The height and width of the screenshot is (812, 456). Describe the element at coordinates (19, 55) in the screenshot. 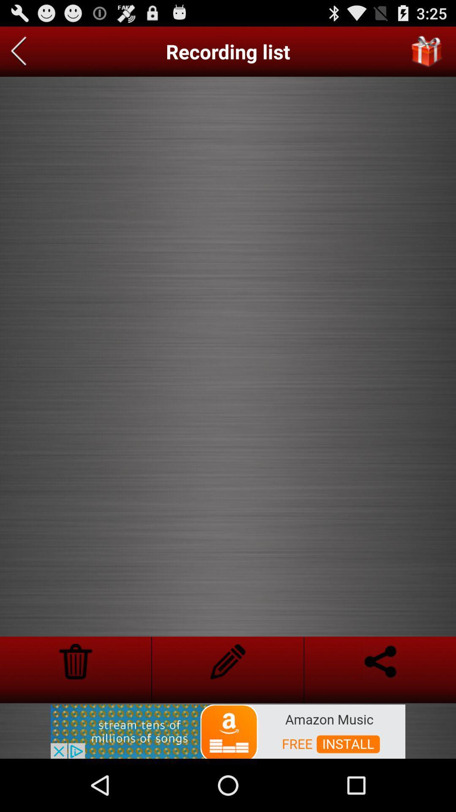

I see `the arrow_backward icon` at that location.